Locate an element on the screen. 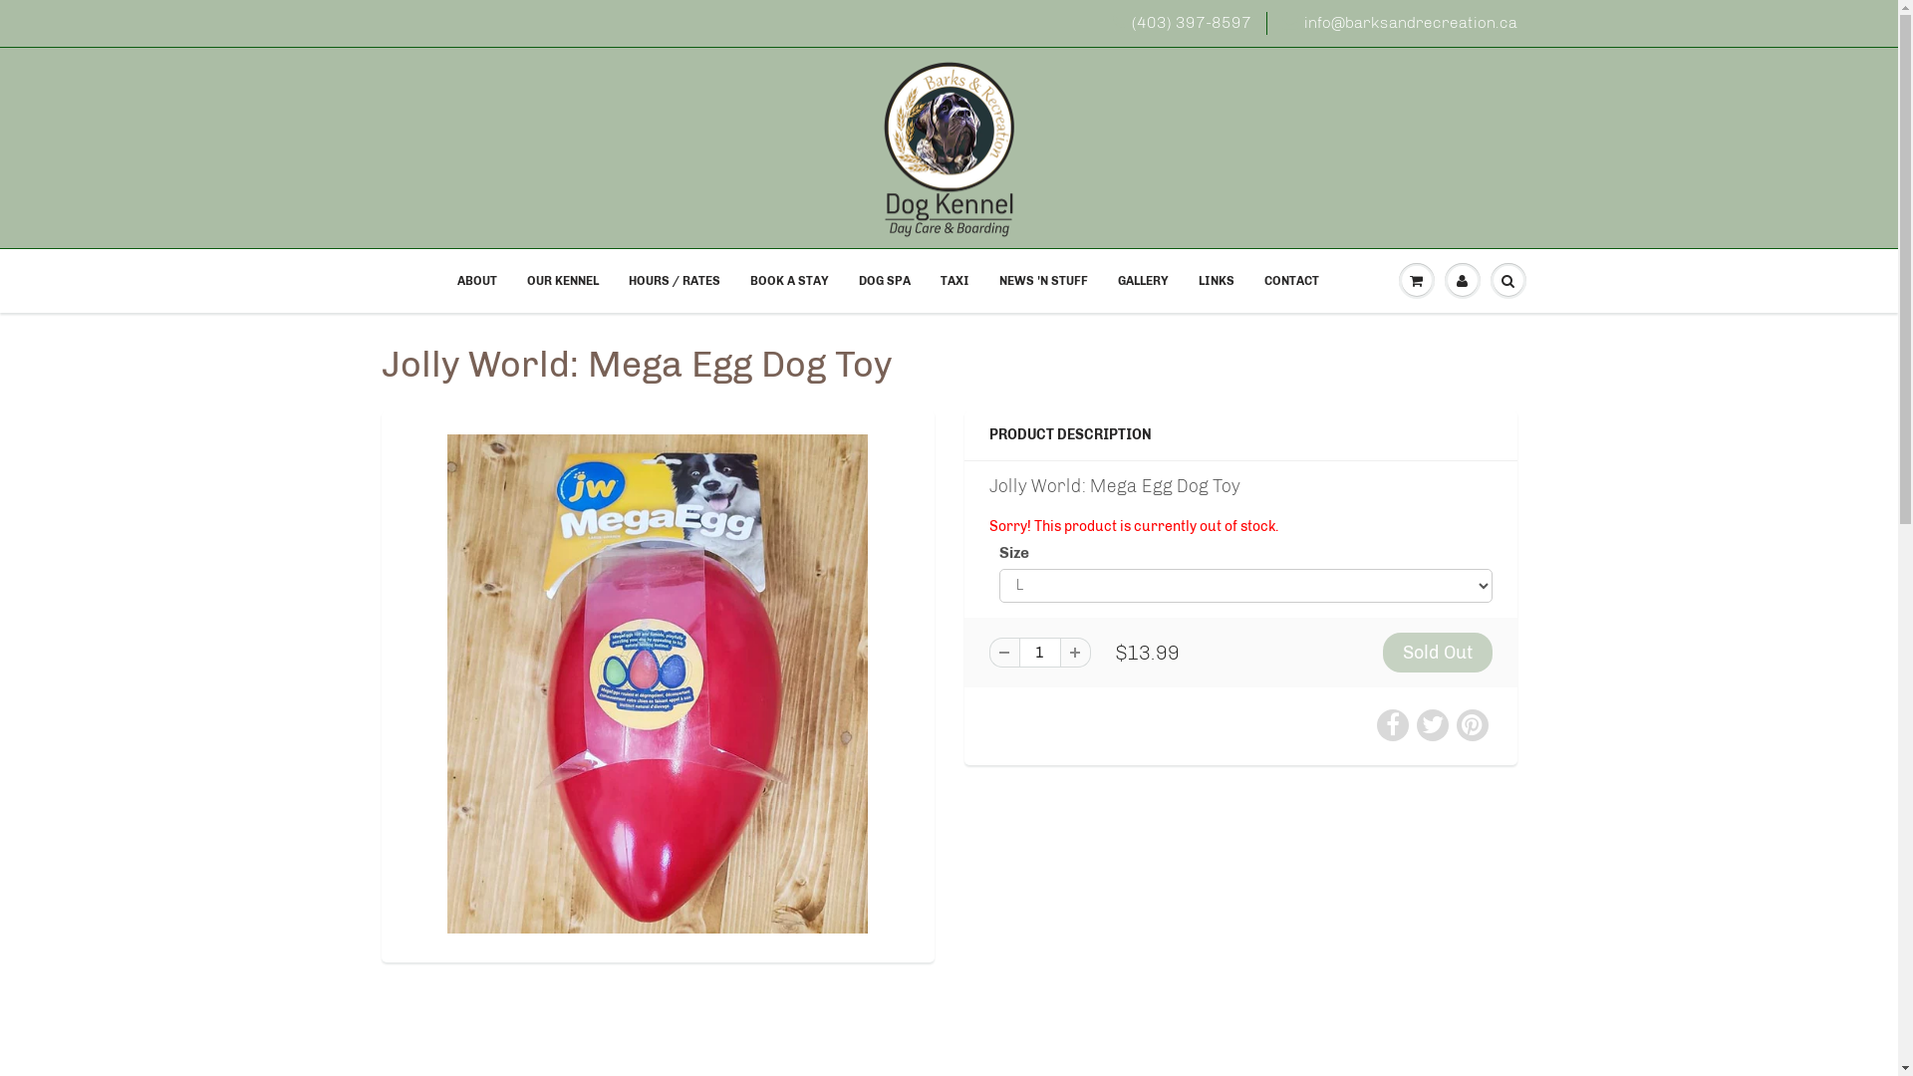 Image resolution: width=1913 pixels, height=1076 pixels. 'HOURS / RATES' is located at coordinates (674, 280).